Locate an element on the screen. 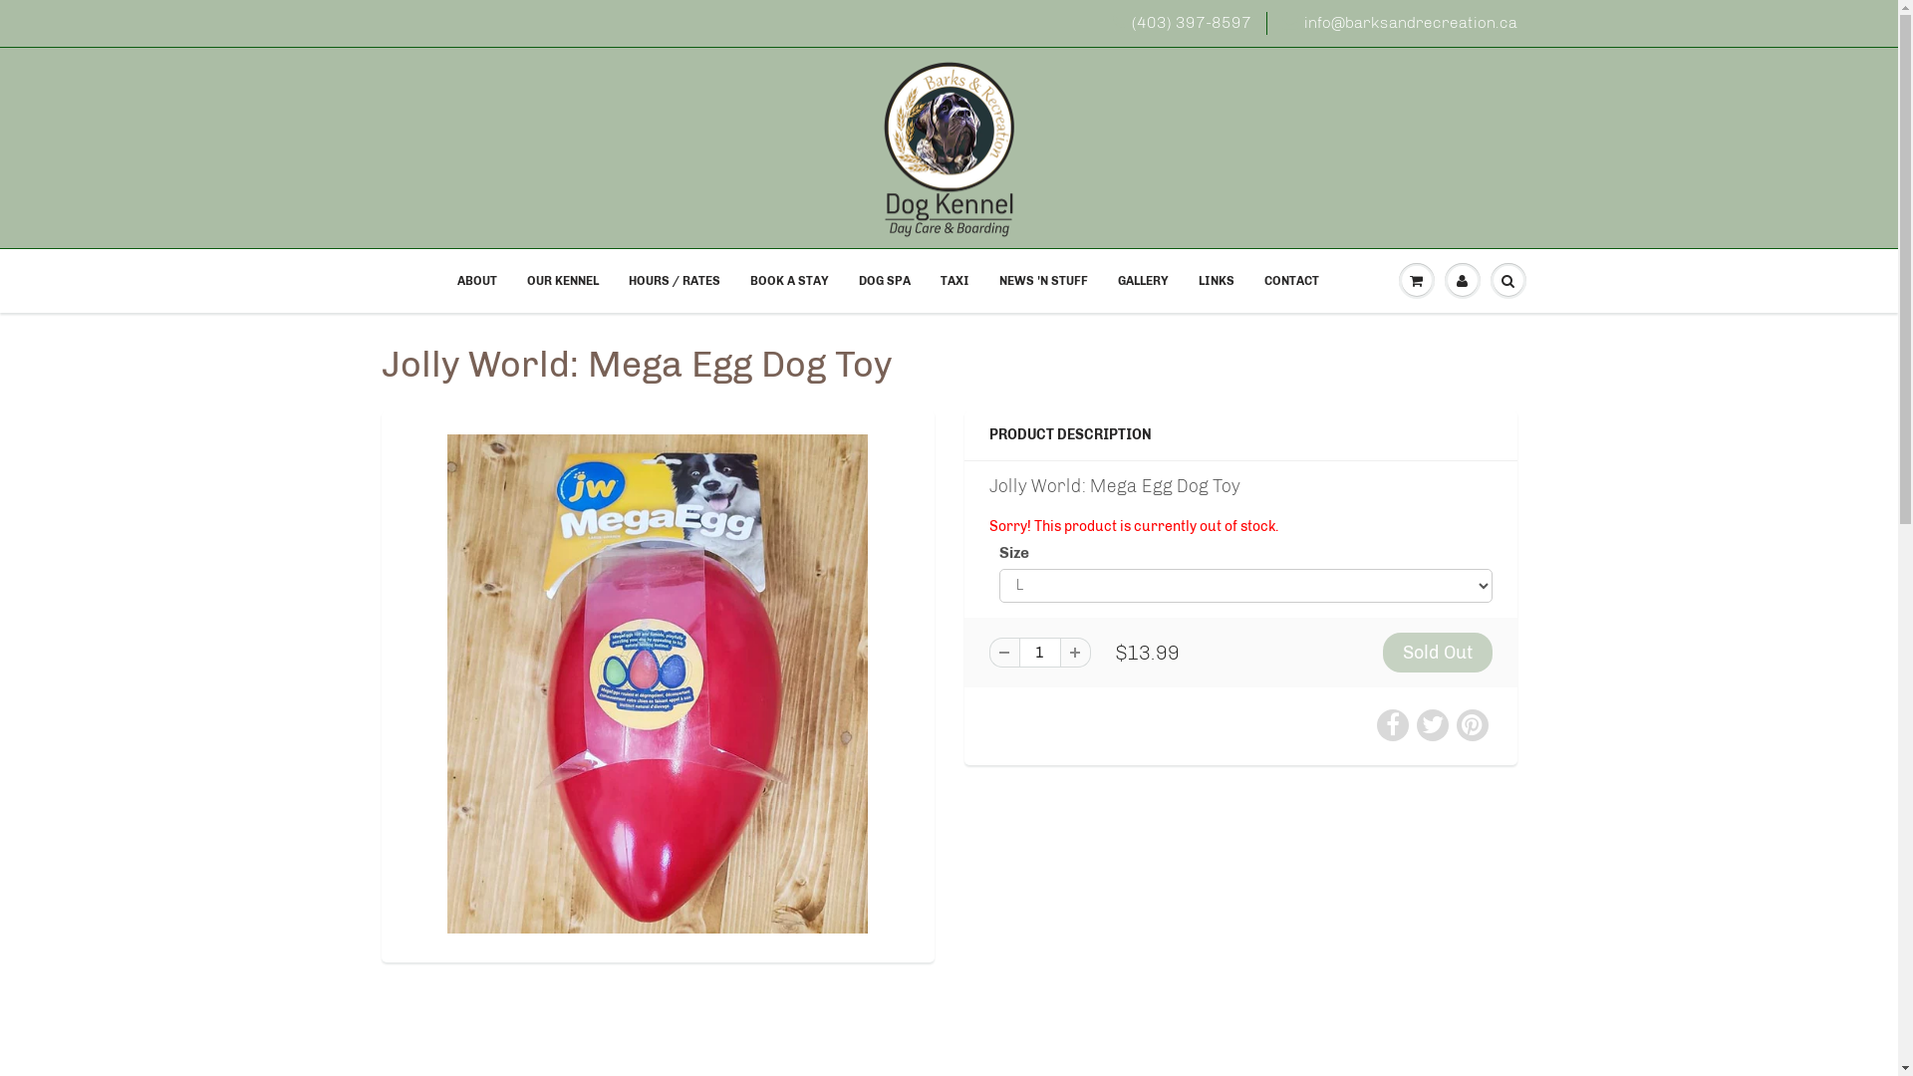 Image resolution: width=1913 pixels, height=1076 pixels. 'HOURS / RATES' is located at coordinates (674, 280).